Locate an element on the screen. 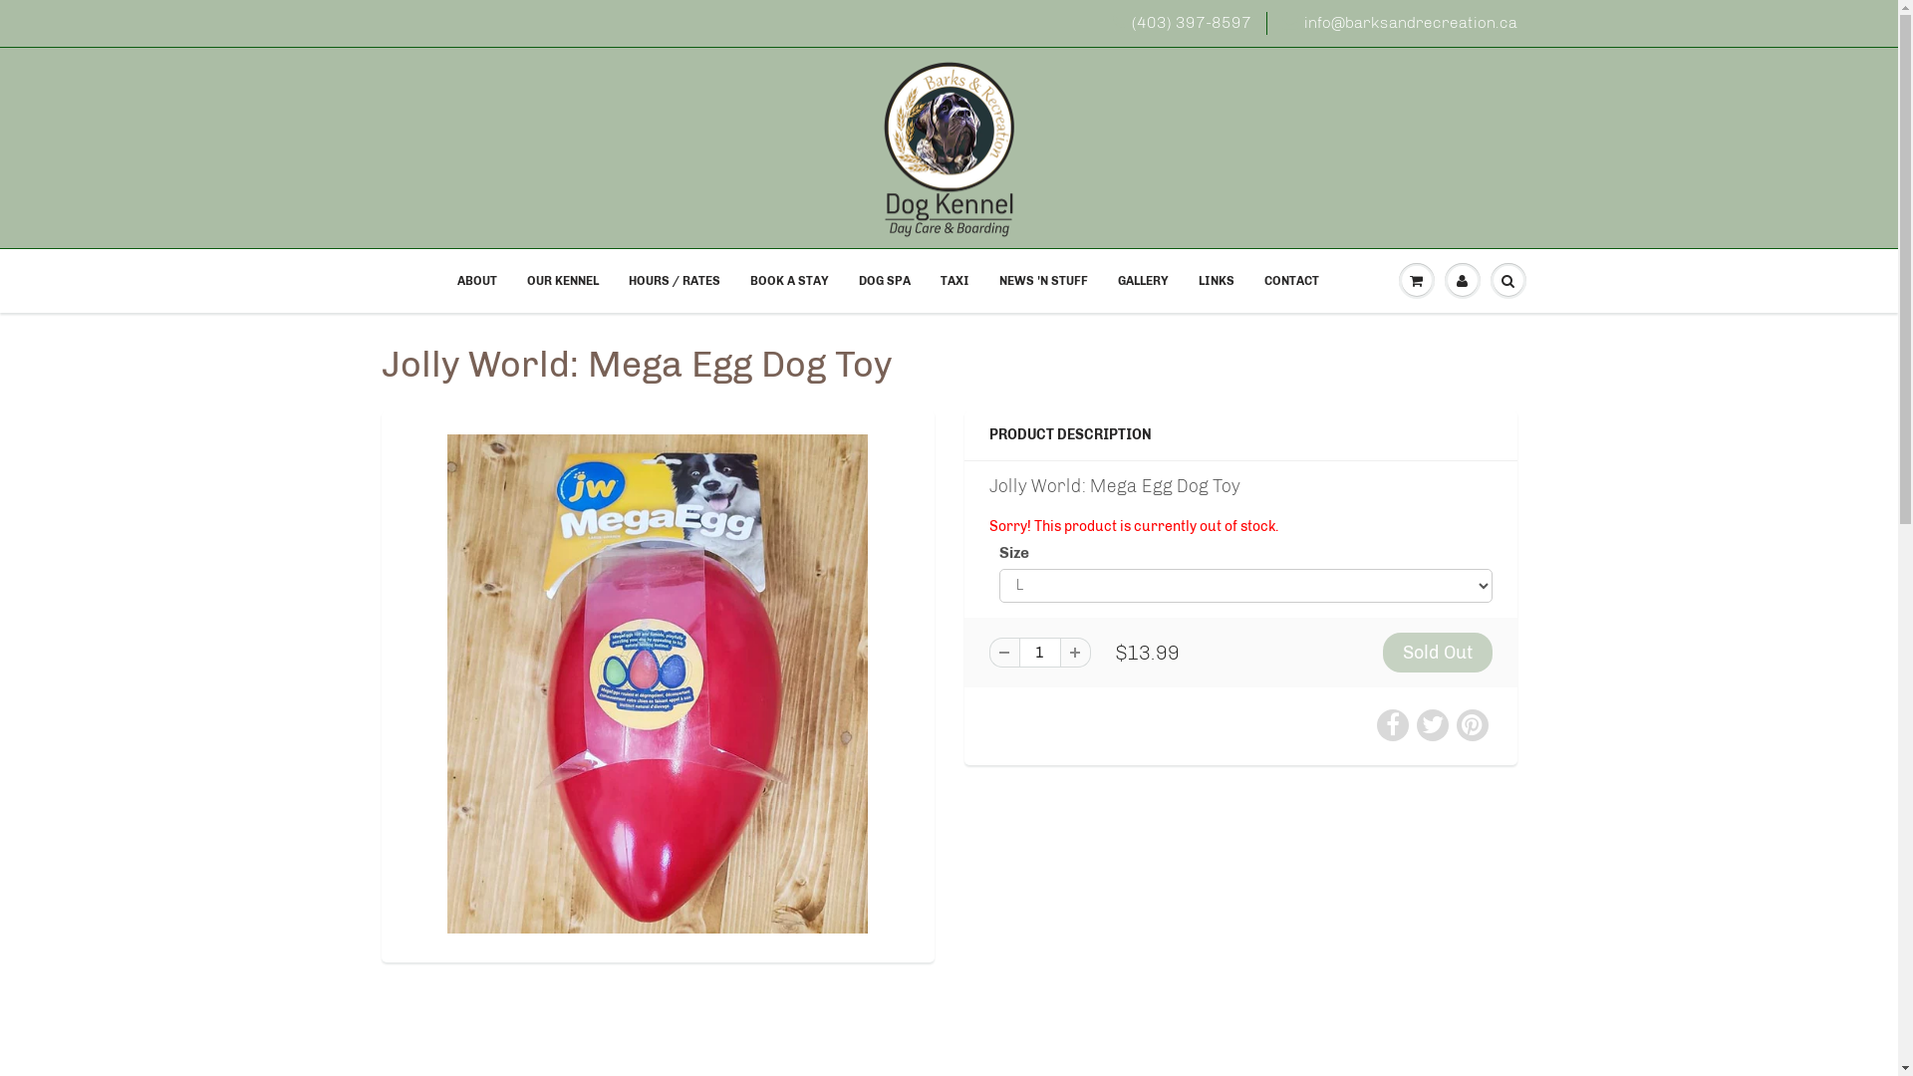 Image resolution: width=1913 pixels, height=1076 pixels. 'HOURS / RATES' is located at coordinates (674, 280).